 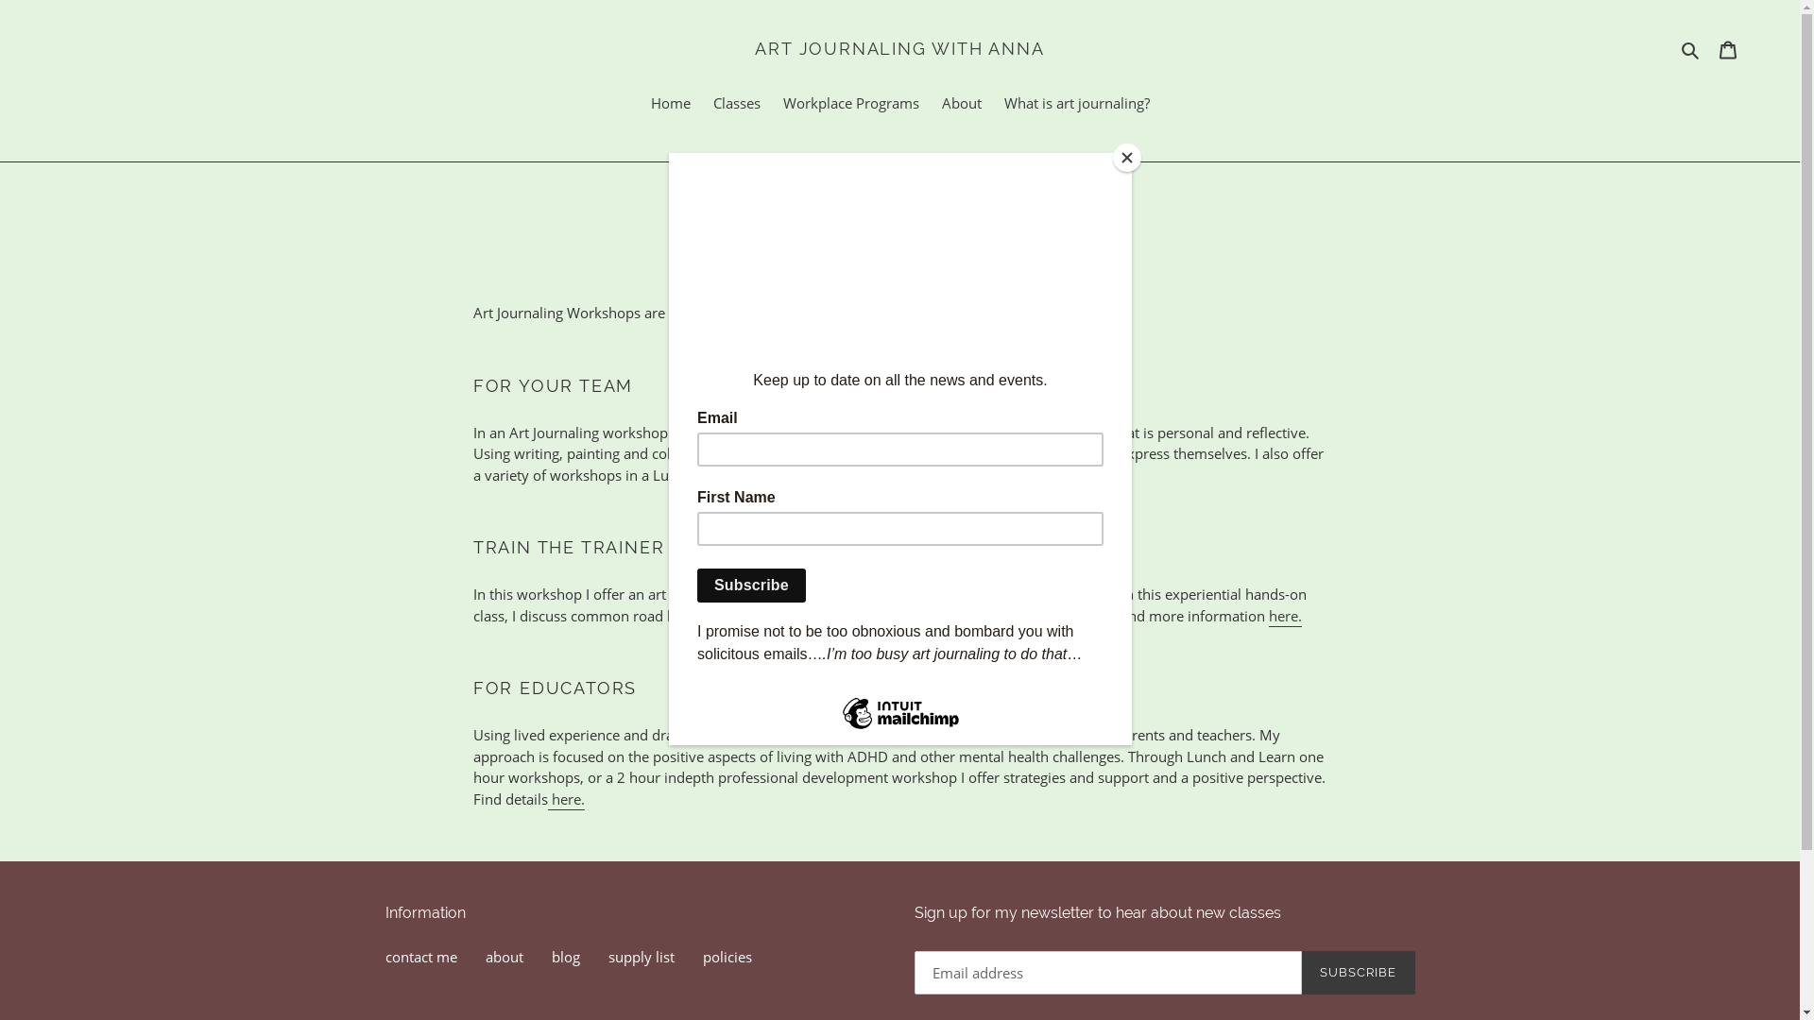 What do you see at coordinates (1691, 47) in the screenshot?
I see `'Search'` at bounding box center [1691, 47].